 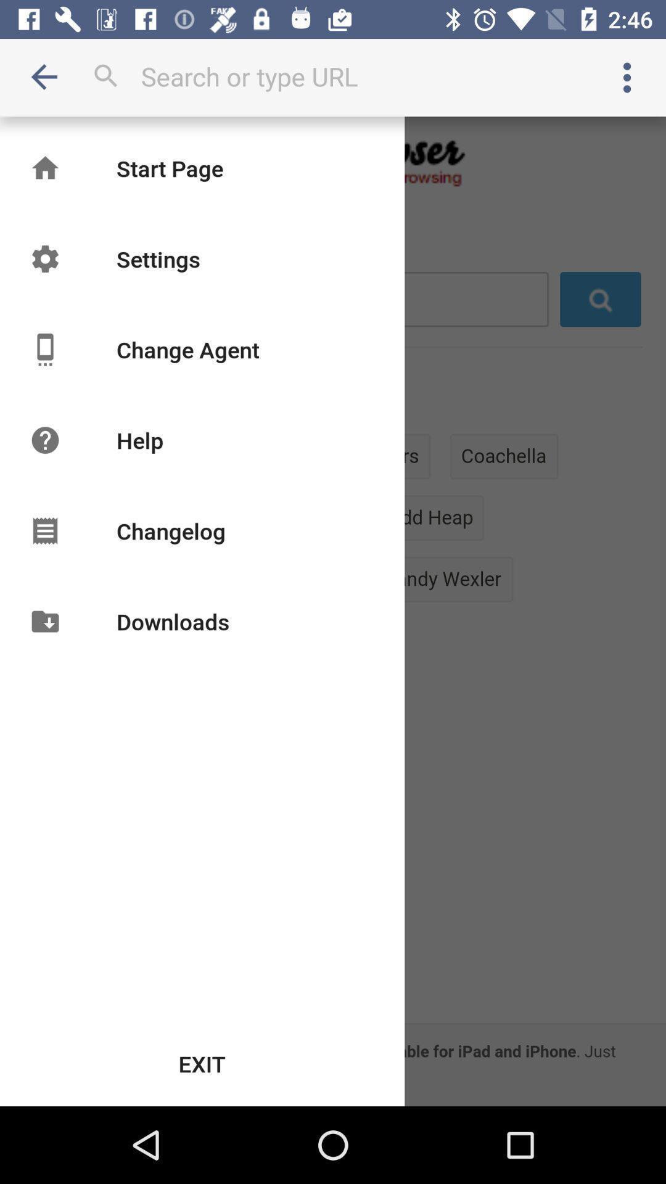 I want to click on settings item, so click(x=157, y=258).